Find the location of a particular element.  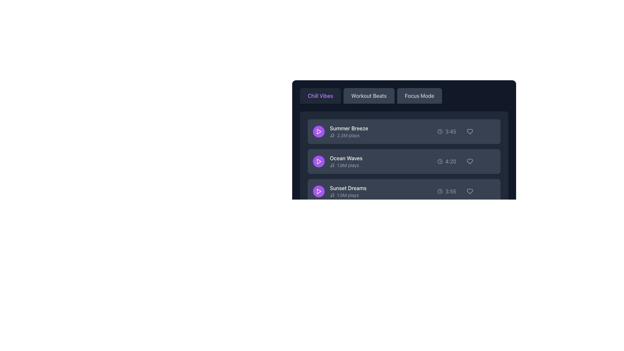

the list item labeled 'Sunset Dreams' with a purple circular background and white play icon is located at coordinates (339, 191).